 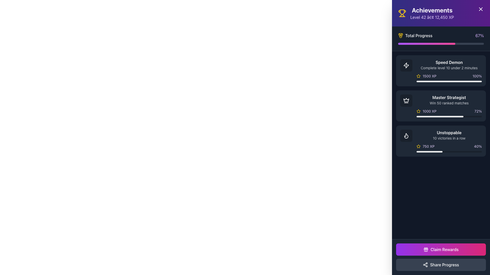 What do you see at coordinates (406, 135) in the screenshot?
I see `the flame icon that represents the 'Unstoppable' achievement, which is styled with a curved and pointed outline and is positioned to the left of the text content` at bounding box center [406, 135].